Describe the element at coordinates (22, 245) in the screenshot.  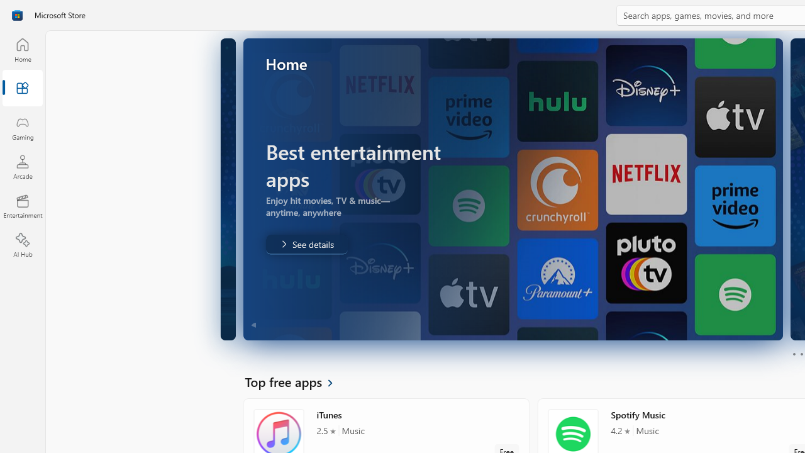
I see `'AI Hub'` at that location.